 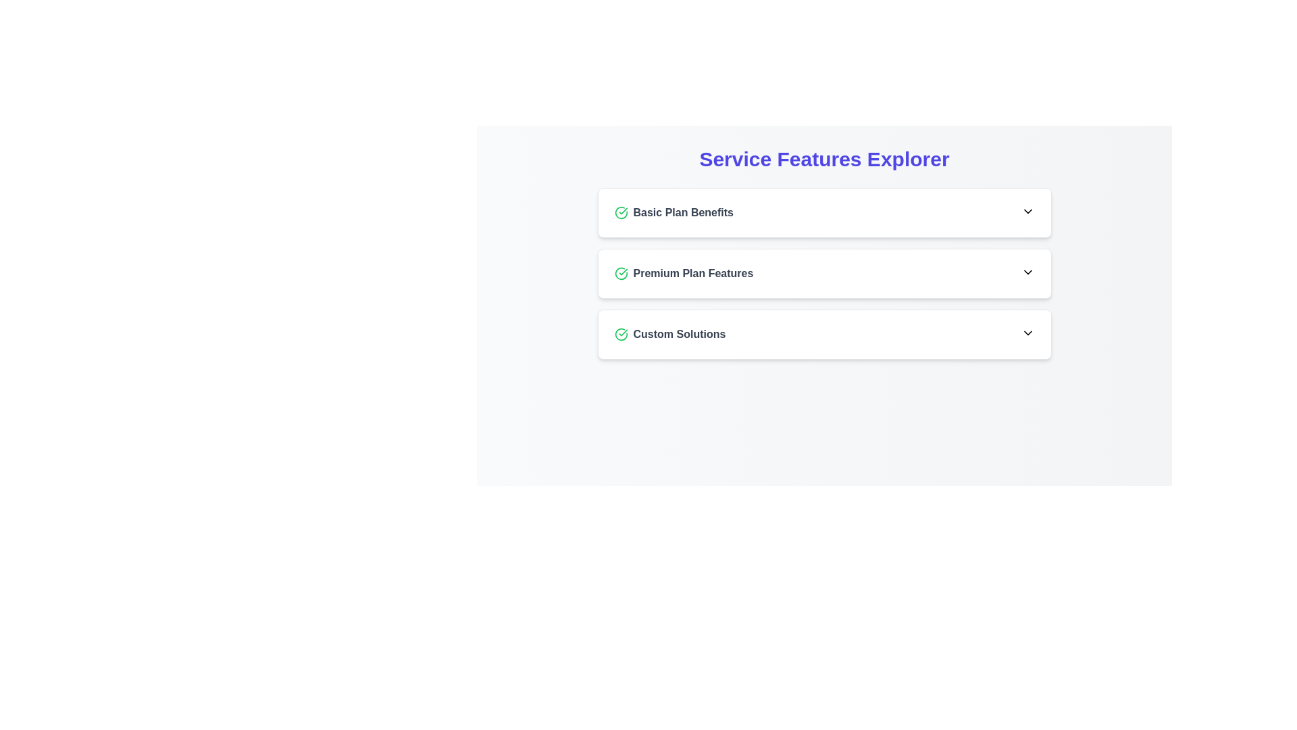 What do you see at coordinates (693, 274) in the screenshot?
I see `the text label that reads 'Premium Plan Features' to select it` at bounding box center [693, 274].